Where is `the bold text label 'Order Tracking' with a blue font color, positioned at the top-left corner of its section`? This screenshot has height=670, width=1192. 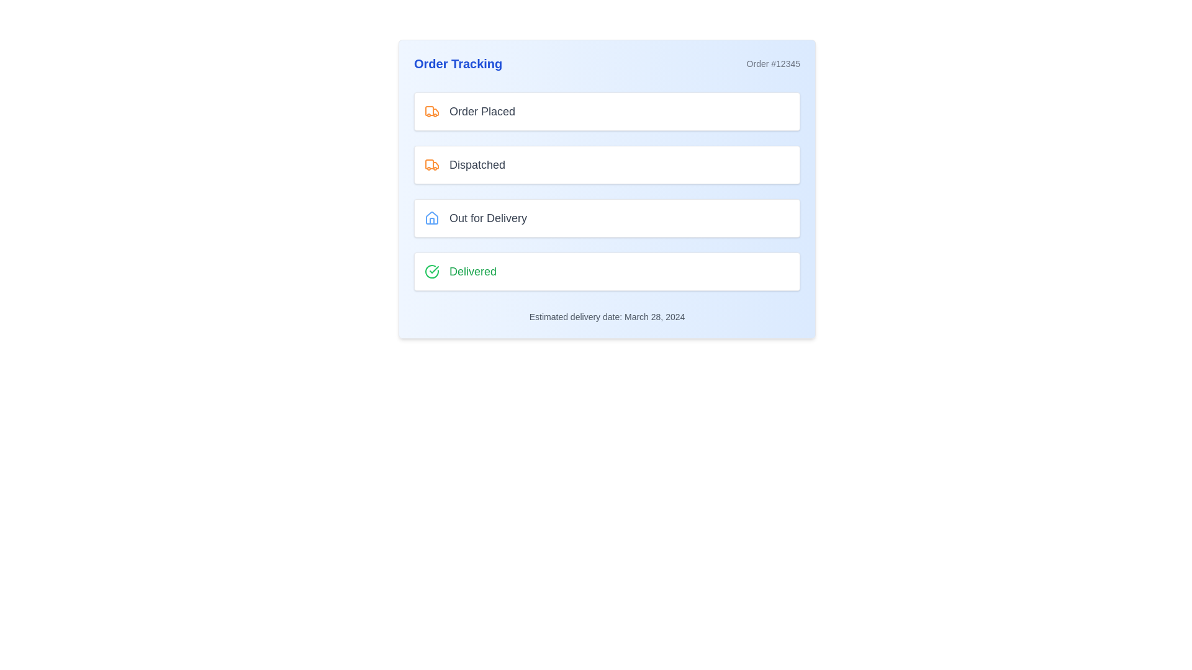
the bold text label 'Order Tracking' with a blue font color, positioned at the top-left corner of its section is located at coordinates (458, 64).